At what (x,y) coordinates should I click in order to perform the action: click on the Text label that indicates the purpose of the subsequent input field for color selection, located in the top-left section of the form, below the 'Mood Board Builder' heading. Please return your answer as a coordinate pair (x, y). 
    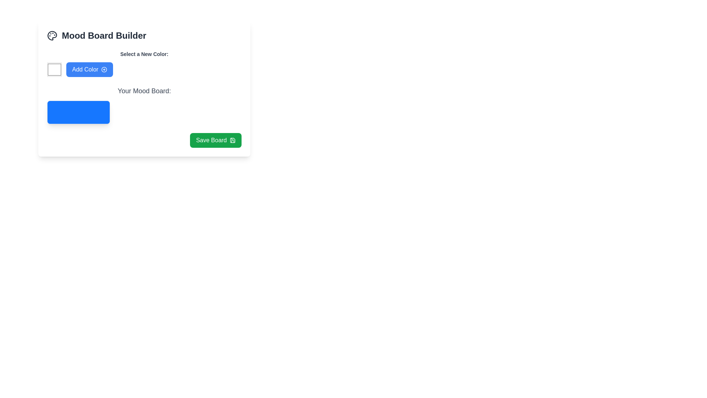
    Looking at the image, I should click on (144, 53).